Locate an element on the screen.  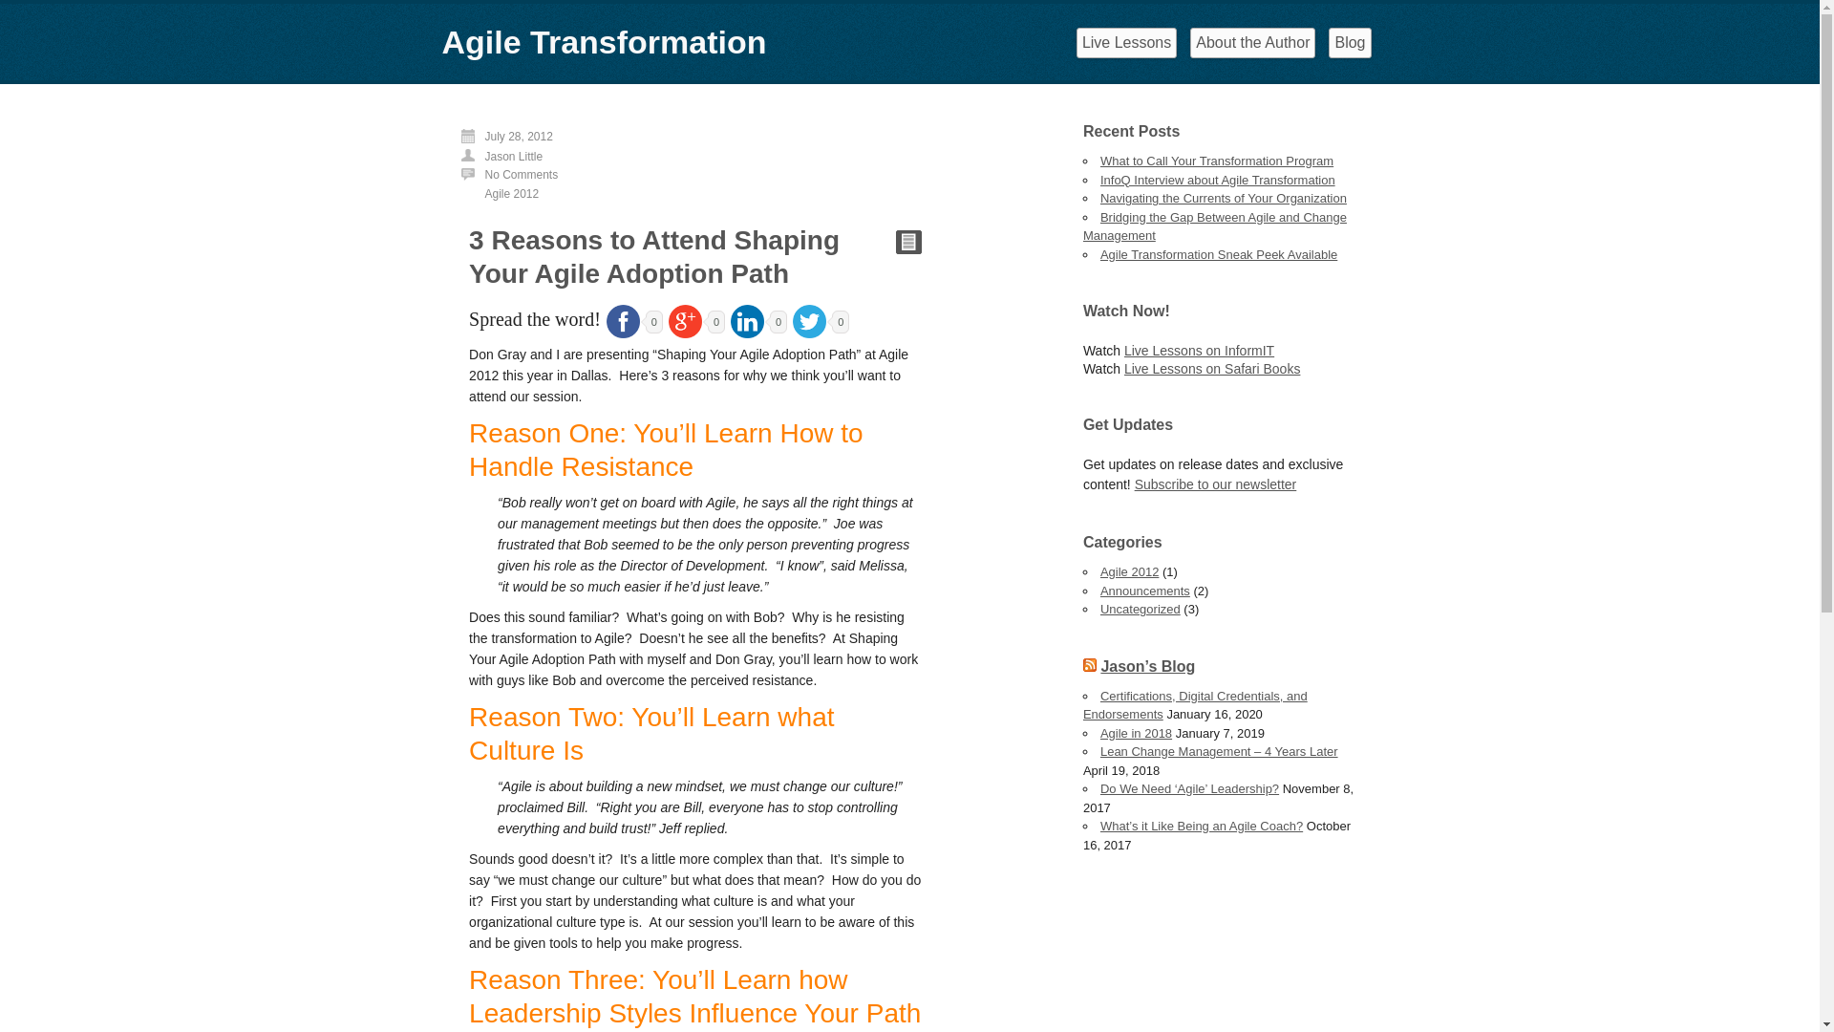
'Uncategorized' is located at coordinates (1141, 609).